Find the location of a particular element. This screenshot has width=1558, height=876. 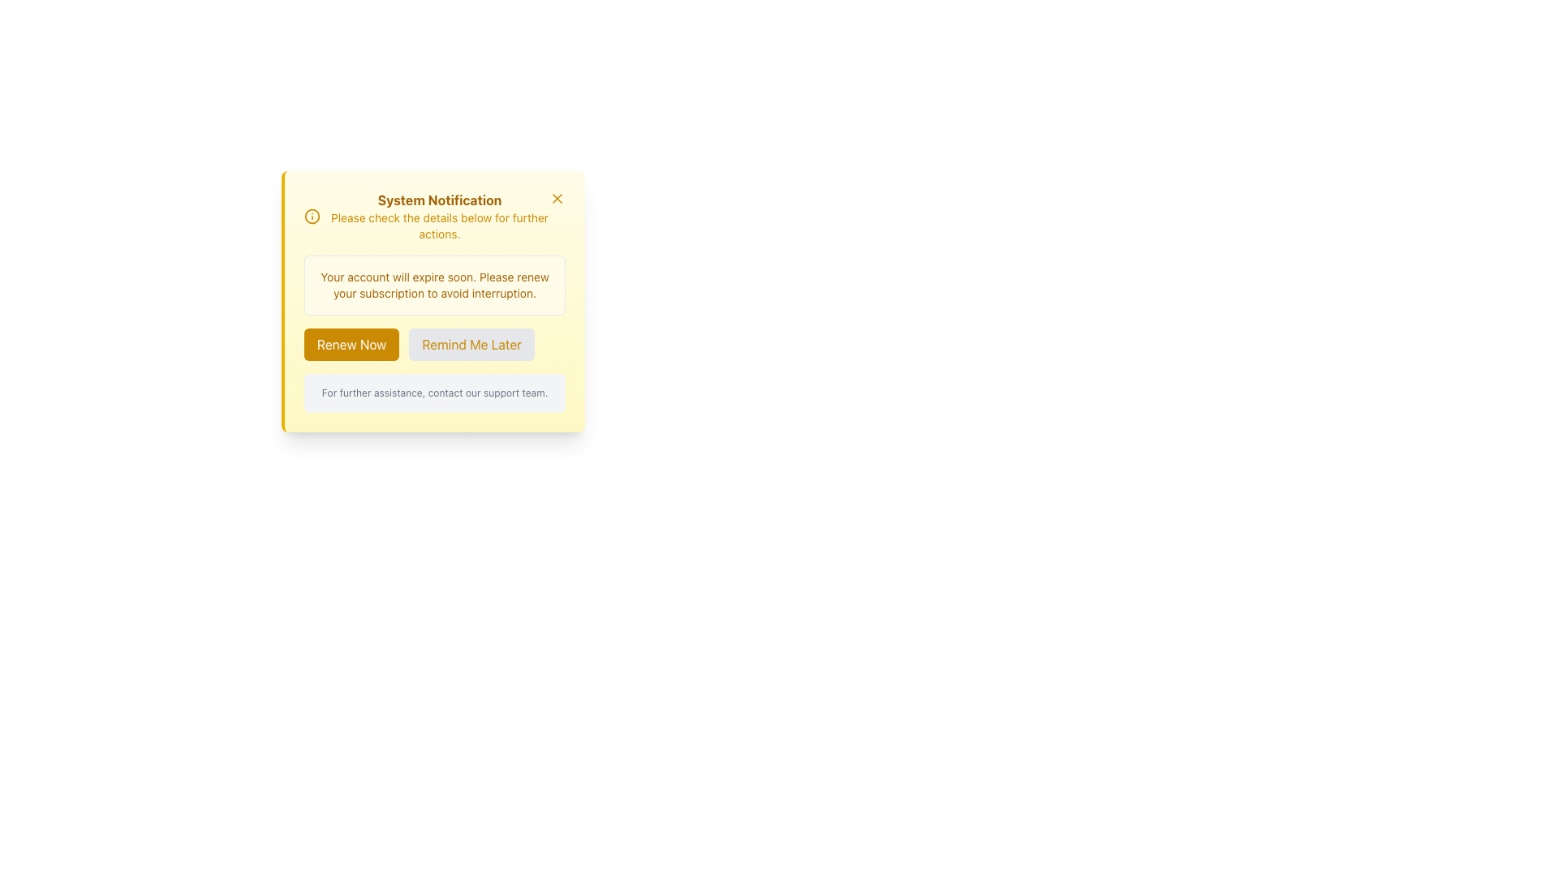

informational header notification text that includes 'System Notification' and additional instructions 'Please check the details below for further actions.' is located at coordinates (427, 215).